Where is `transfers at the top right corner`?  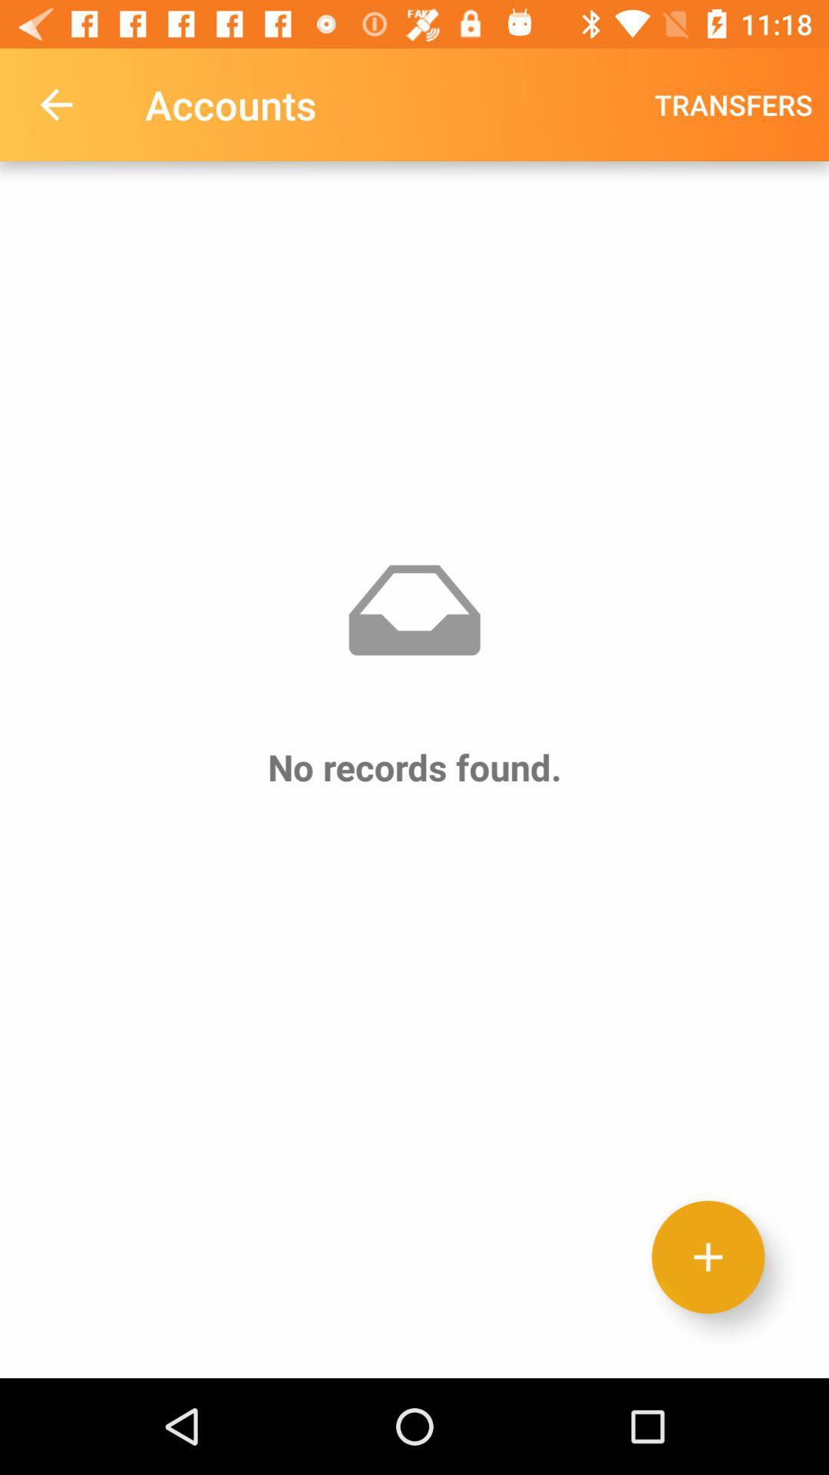
transfers at the top right corner is located at coordinates (732, 104).